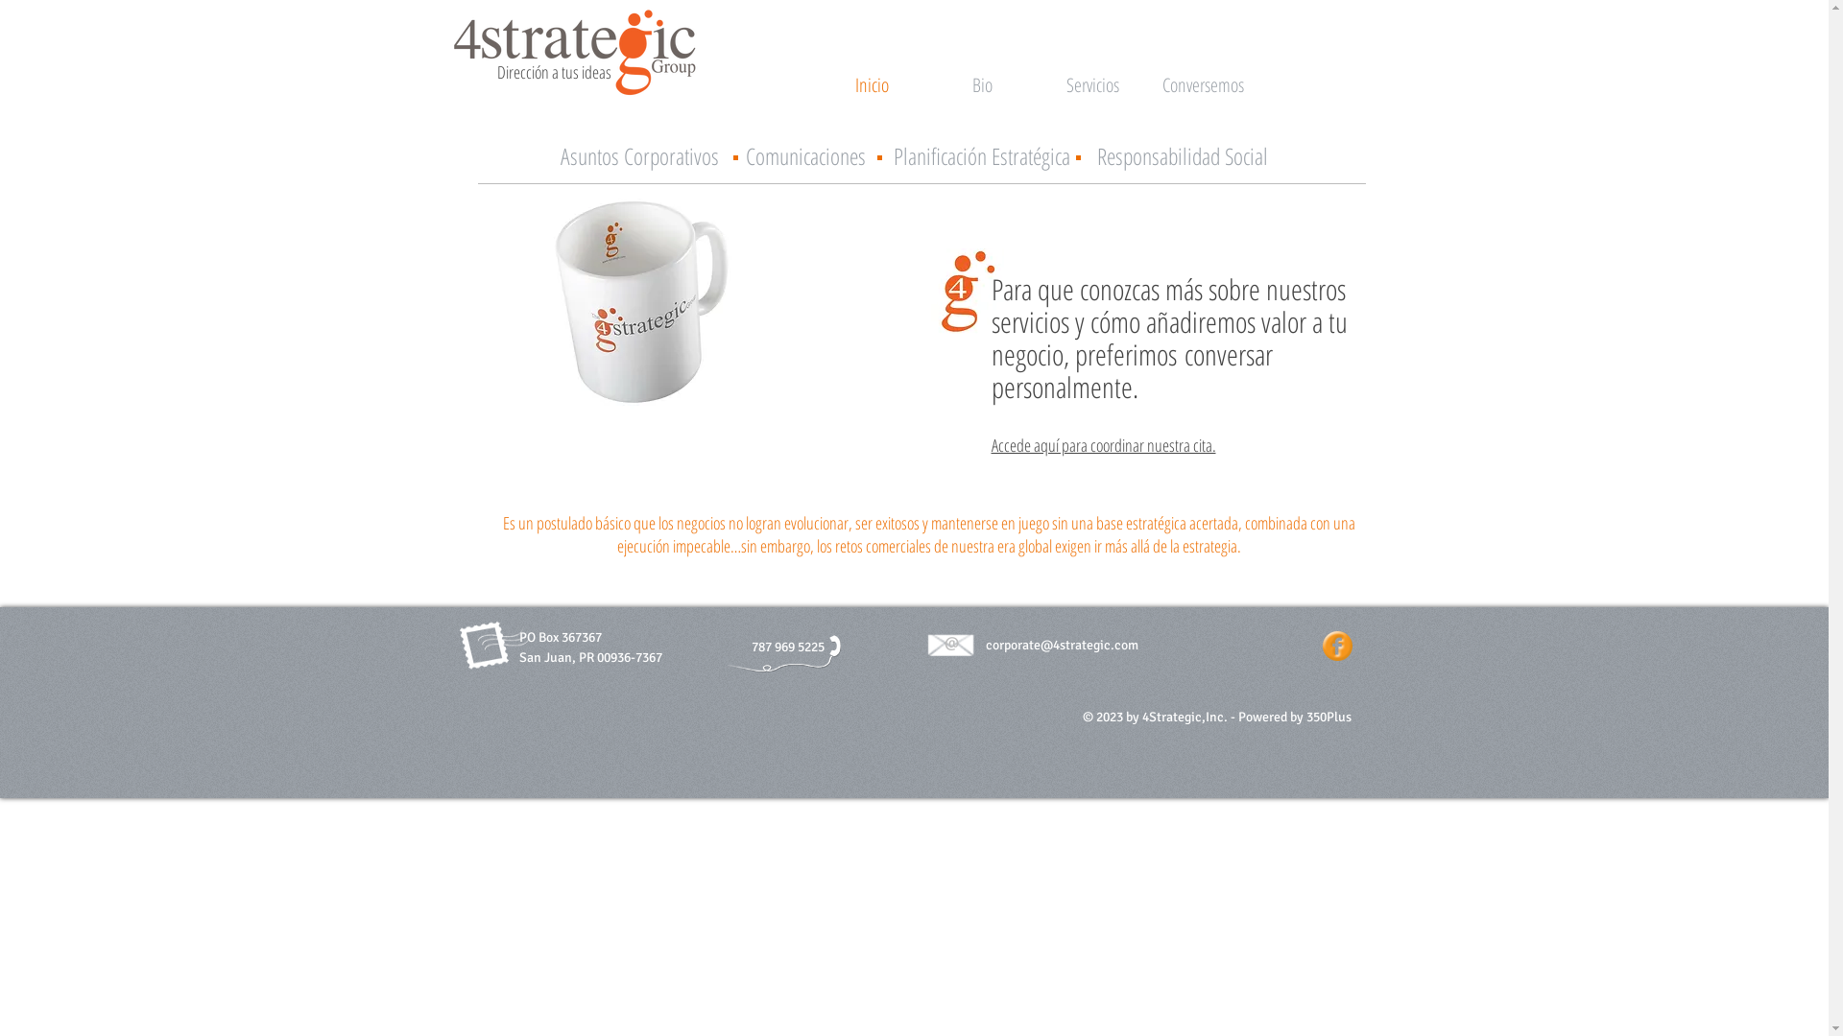 The width and height of the screenshot is (1843, 1036). Describe the element at coordinates (1304, 717) in the screenshot. I see `'350Plus'` at that location.